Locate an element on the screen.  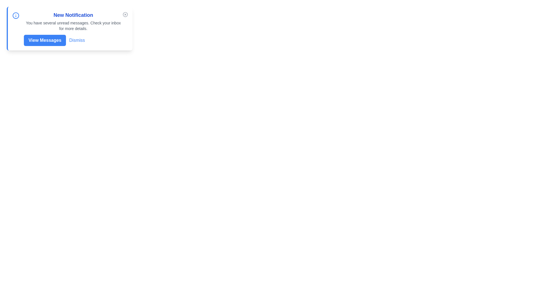
the icon button in the top-right corner of the notification card titled 'New Notification' is located at coordinates (125, 14).